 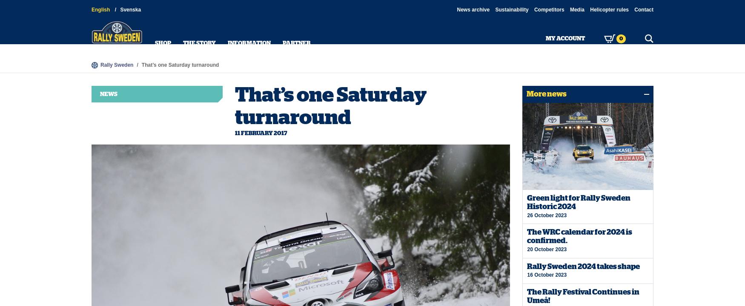 I want to click on '20 October 2023', so click(x=546, y=249).